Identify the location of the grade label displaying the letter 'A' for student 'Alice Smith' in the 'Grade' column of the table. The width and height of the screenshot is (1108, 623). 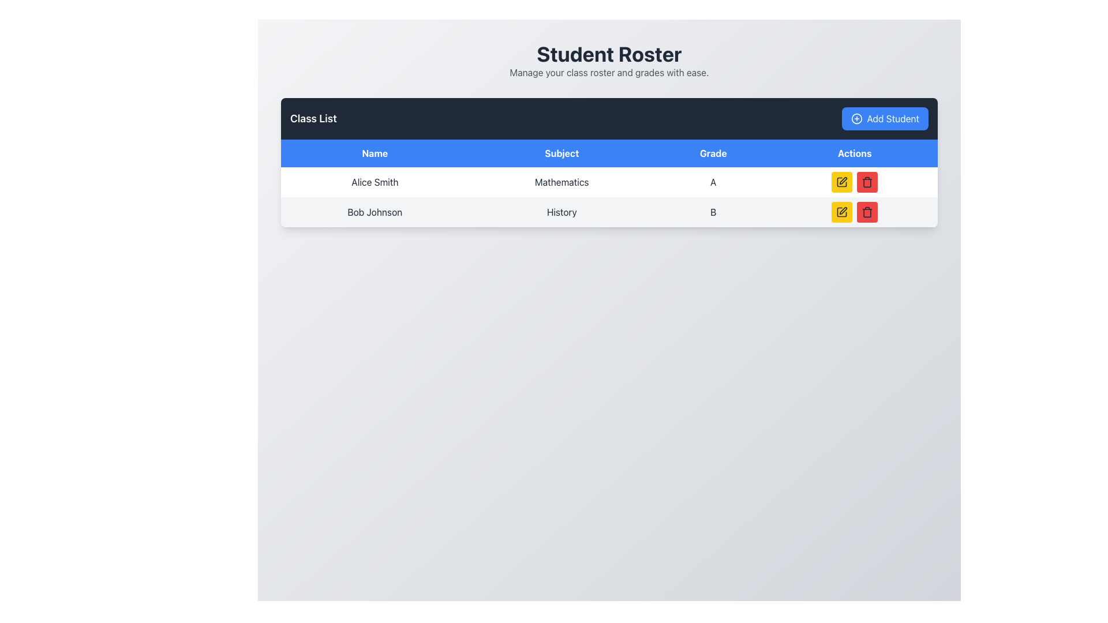
(713, 182).